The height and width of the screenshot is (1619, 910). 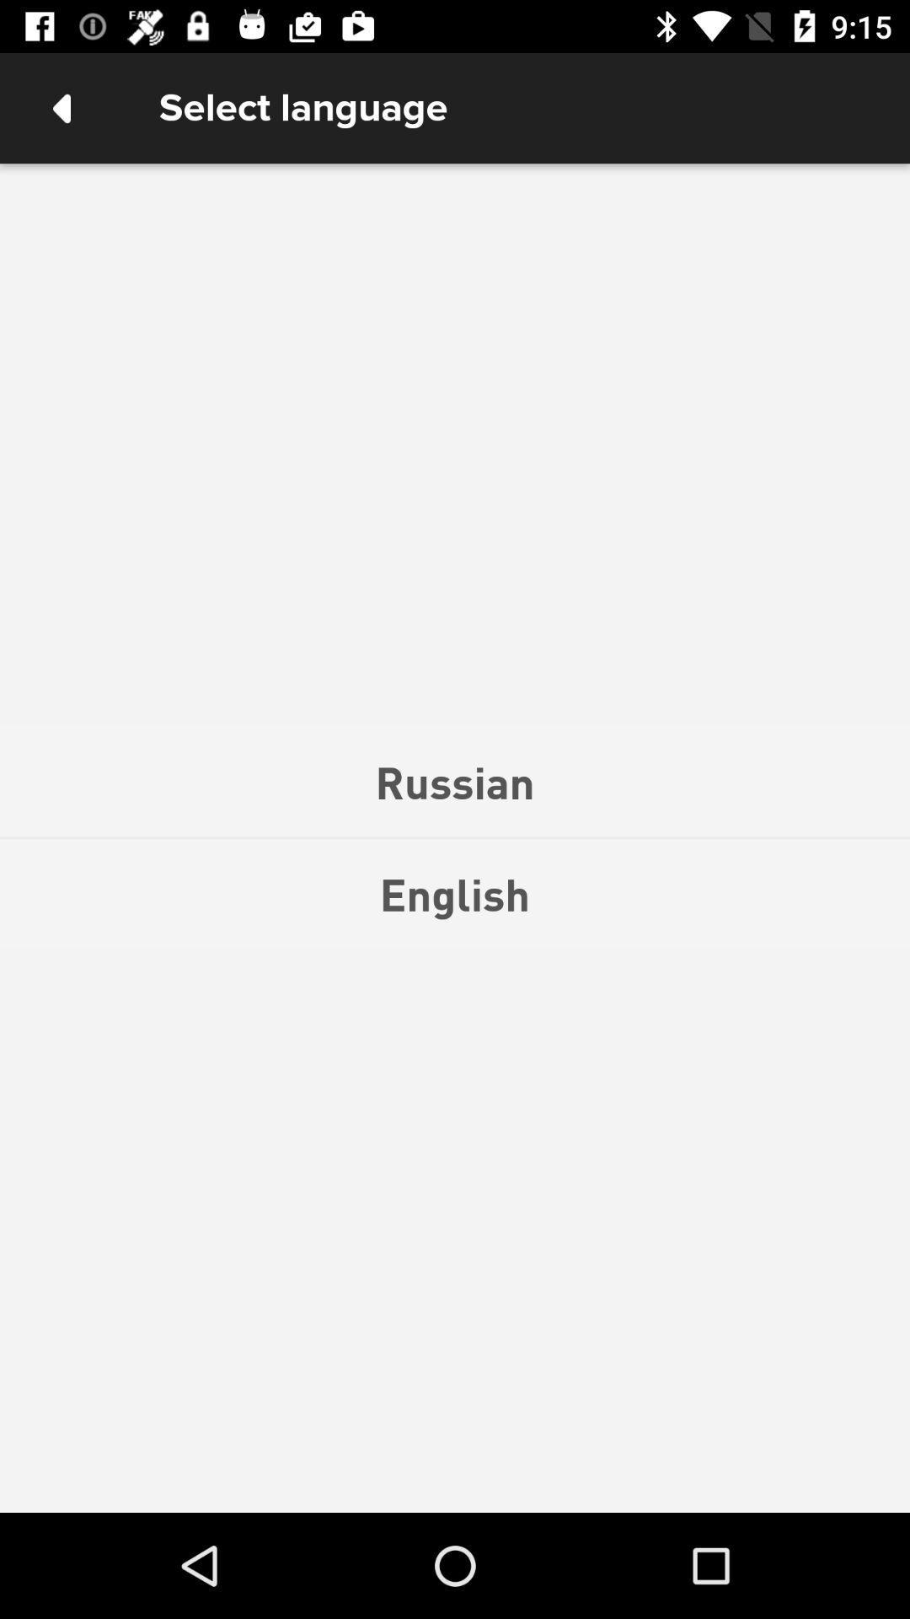 What do you see at coordinates (61, 107) in the screenshot?
I see `item above the russian item` at bounding box center [61, 107].